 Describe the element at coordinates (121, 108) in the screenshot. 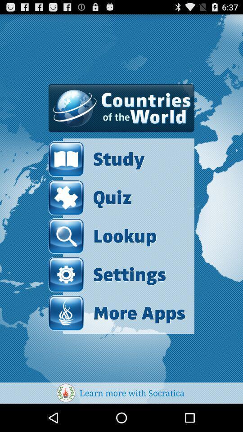

I see `the item above study` at that location.